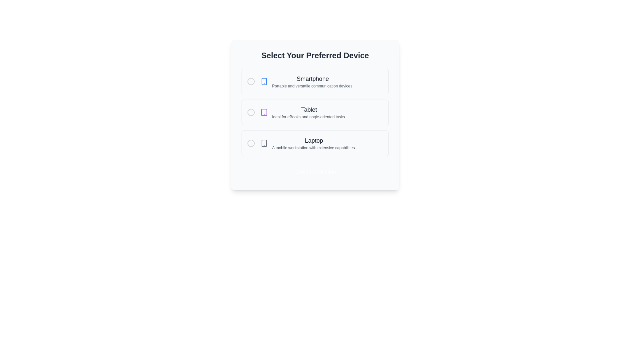 The height and width of the screenshot is (355, 631). What do you see at coordinates (250, 112) in the screenshot?
I see `the radio button for the 'Tablet' option, located to the left of the text label 'Tablet' in the vertical list of selectable devices` at bounding box center [250, 112].